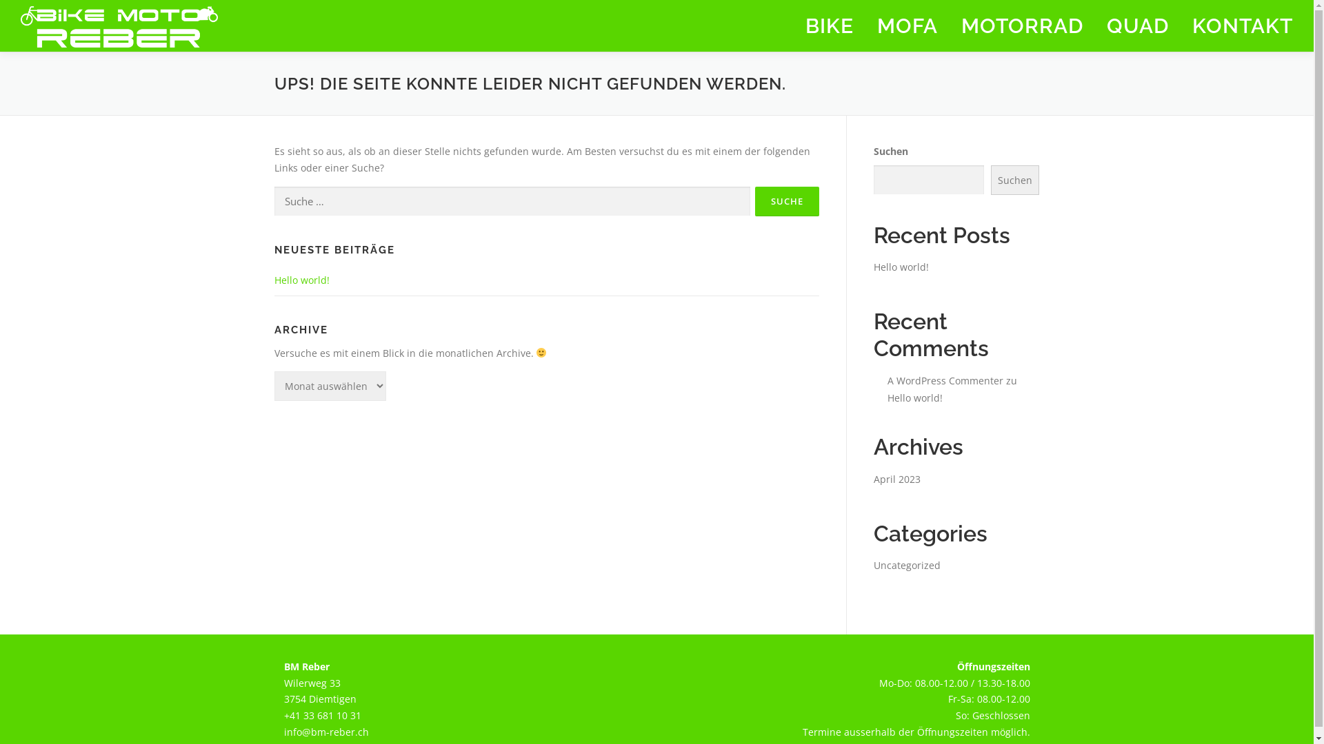 The image size is (1324, 744). I want to click on 'Suche', so click(754, 201).